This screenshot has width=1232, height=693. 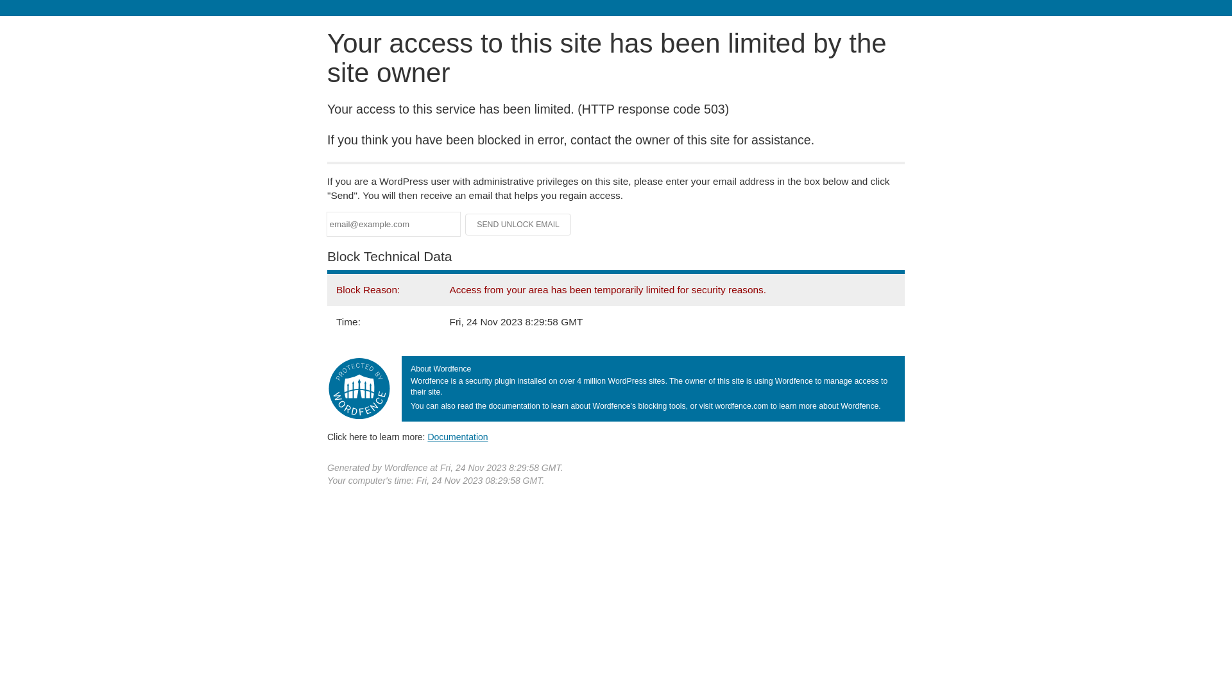 What do you see at coordinates (427, 436) in the screenshot?
I see `'Documentation'` at bounding box center [427, 436].